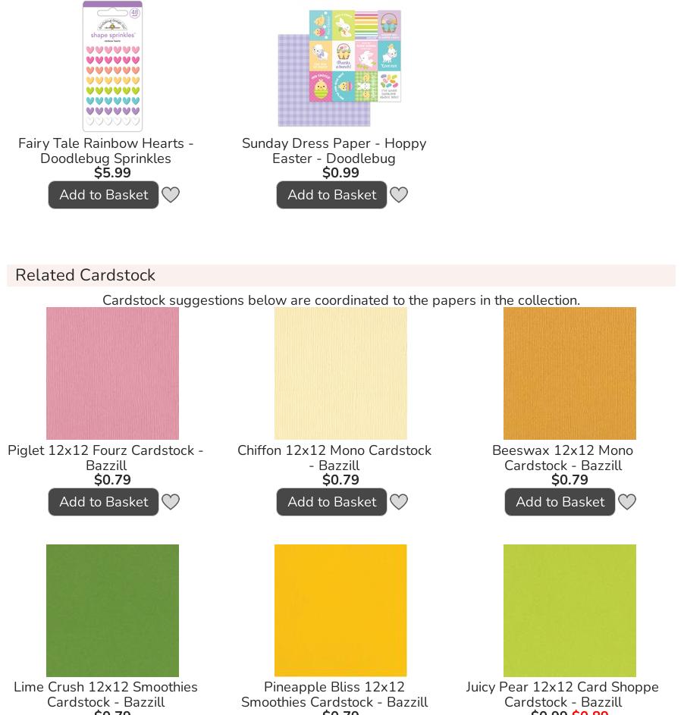 The height and width of the screenshot is (715, 684). Describe the element at coordinates (562, 456) in the screenshot. I see `'Beeswax 12x12 Mono Cardstock - Bazzill'` at that location.